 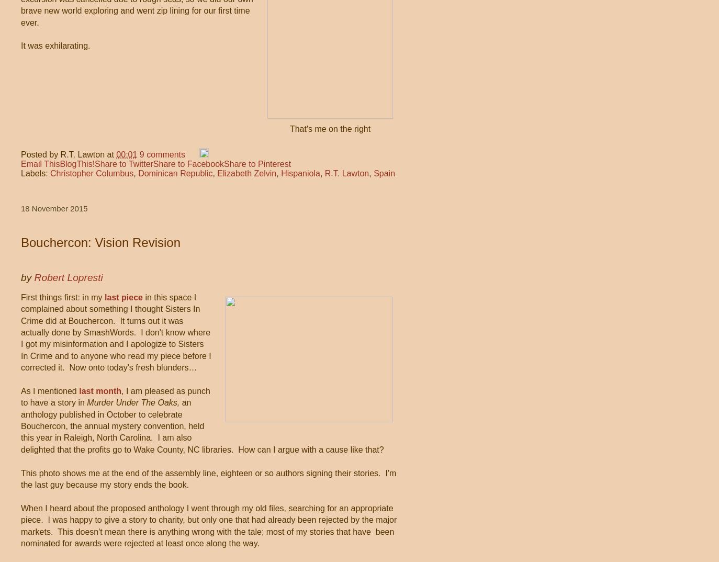 What do you see at coordinates (217, 172) in the screenshot?
I see `'Elizabeth Zelvin'` at bounding box center [217, 172].